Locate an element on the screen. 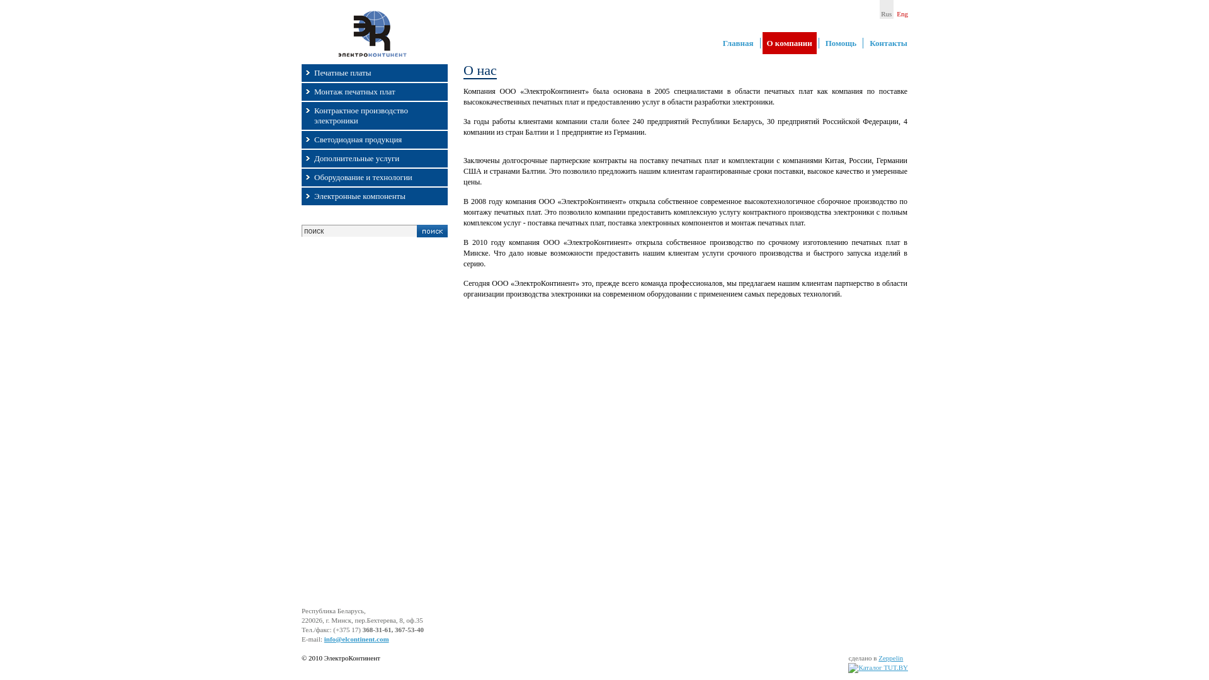 The image size is (1209, 680). 'Eng' is located at coordinates (902, 9).